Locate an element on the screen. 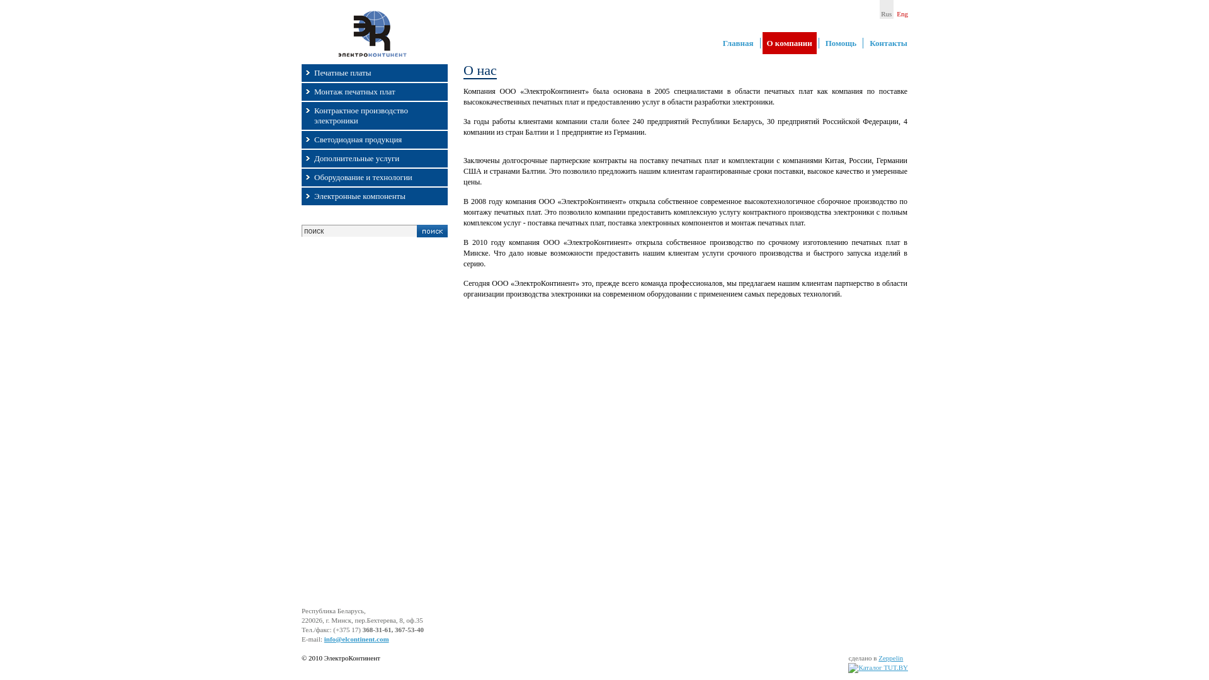 The image size is (1209, 680). 'Eng' is located at coordinates (902, 9).